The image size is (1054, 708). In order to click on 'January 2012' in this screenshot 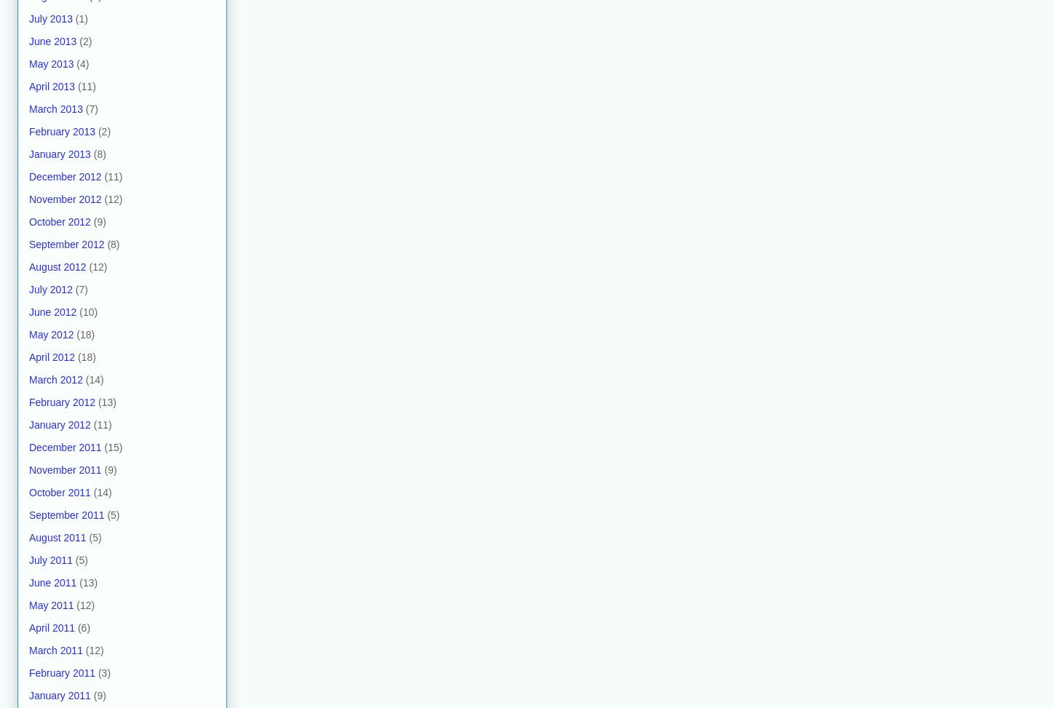, I will do `click(59, 424)`.